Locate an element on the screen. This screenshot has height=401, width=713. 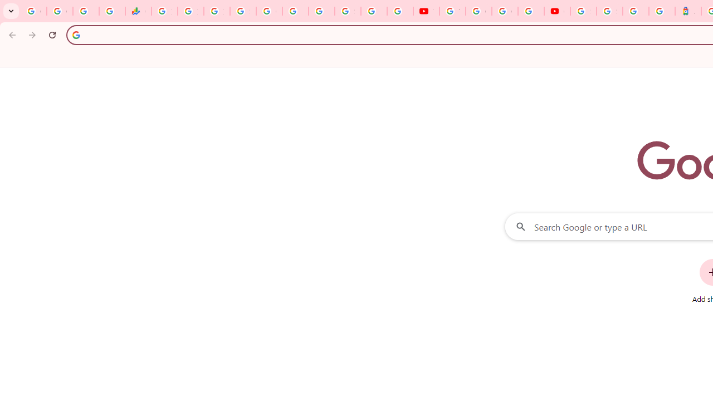
'YouTube' is located at coordinates (426, 11).